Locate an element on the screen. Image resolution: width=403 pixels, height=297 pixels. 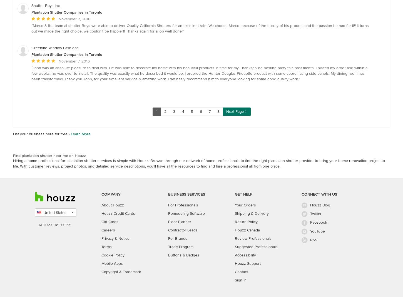
'Greenlite Window Fashions' is located at coordinates (31, 48).